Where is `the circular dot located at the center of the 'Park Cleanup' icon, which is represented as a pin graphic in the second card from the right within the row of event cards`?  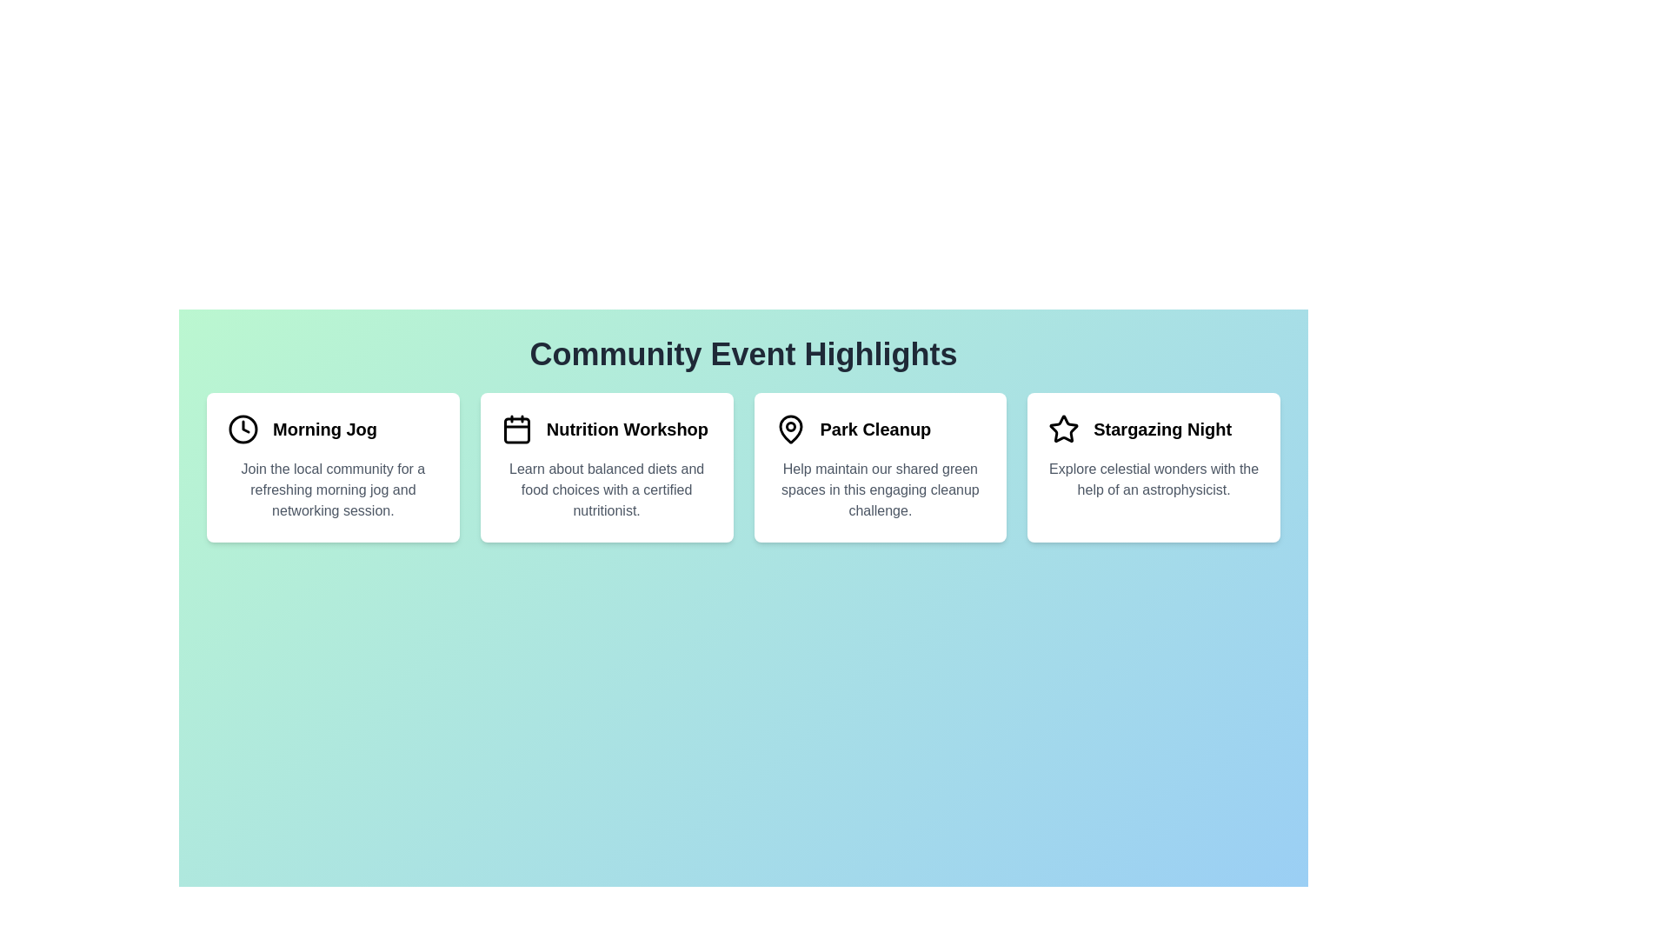
the circular dot located at the center of the 'Park Cleanup' icon, which is represented as a pin graphic in the second card from the right within the row of event cards is located at coordinates (789, 426).